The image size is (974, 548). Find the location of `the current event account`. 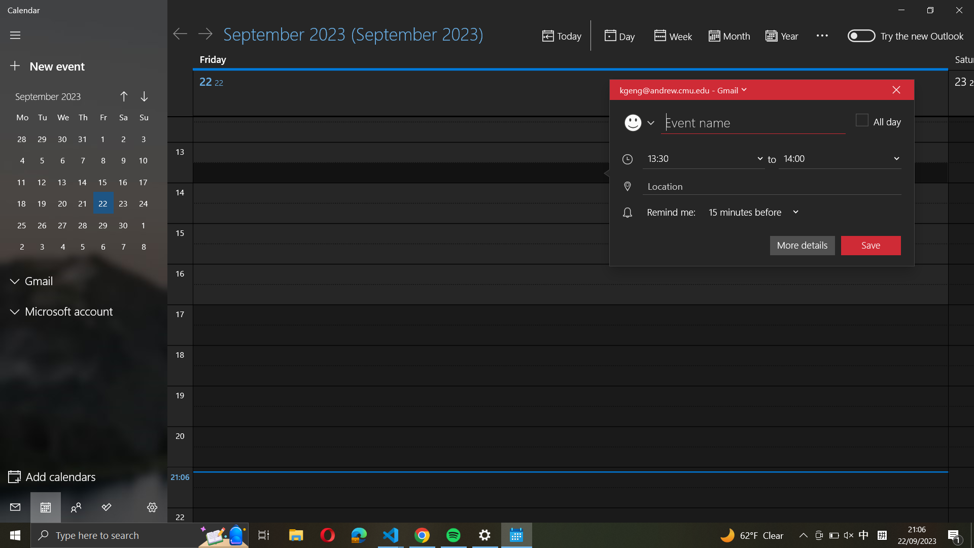

the current event account is located at coordinates (682, 89).